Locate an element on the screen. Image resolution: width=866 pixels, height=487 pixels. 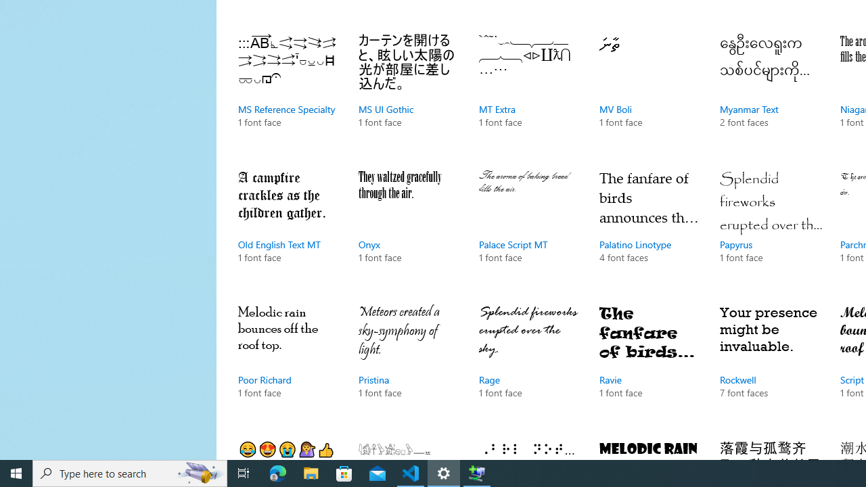
'Extensible Wizards Host Process - 1 running window' is located at coordinates (477, 472).